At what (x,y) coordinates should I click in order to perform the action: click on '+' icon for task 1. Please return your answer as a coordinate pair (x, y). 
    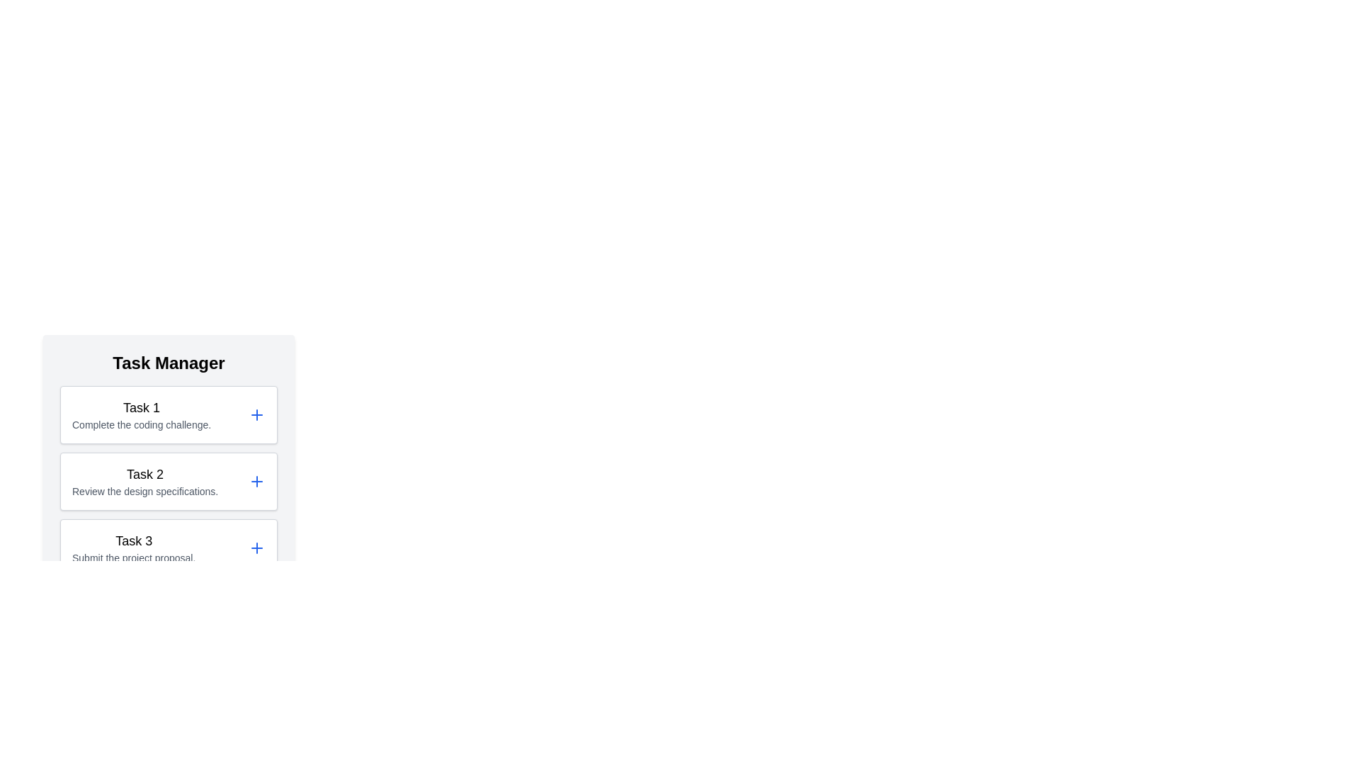
    Looking at the image, I should click on (257, 414).